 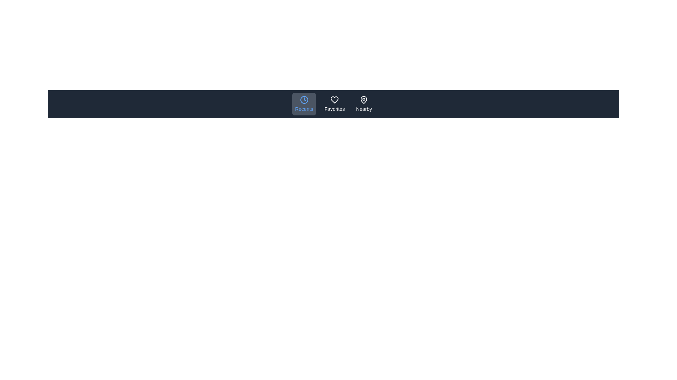 What do you see at coordinates (364, 104) in the screenshot?
I see `the navigation option labeled Nearby` at bounding box center [364, 104].